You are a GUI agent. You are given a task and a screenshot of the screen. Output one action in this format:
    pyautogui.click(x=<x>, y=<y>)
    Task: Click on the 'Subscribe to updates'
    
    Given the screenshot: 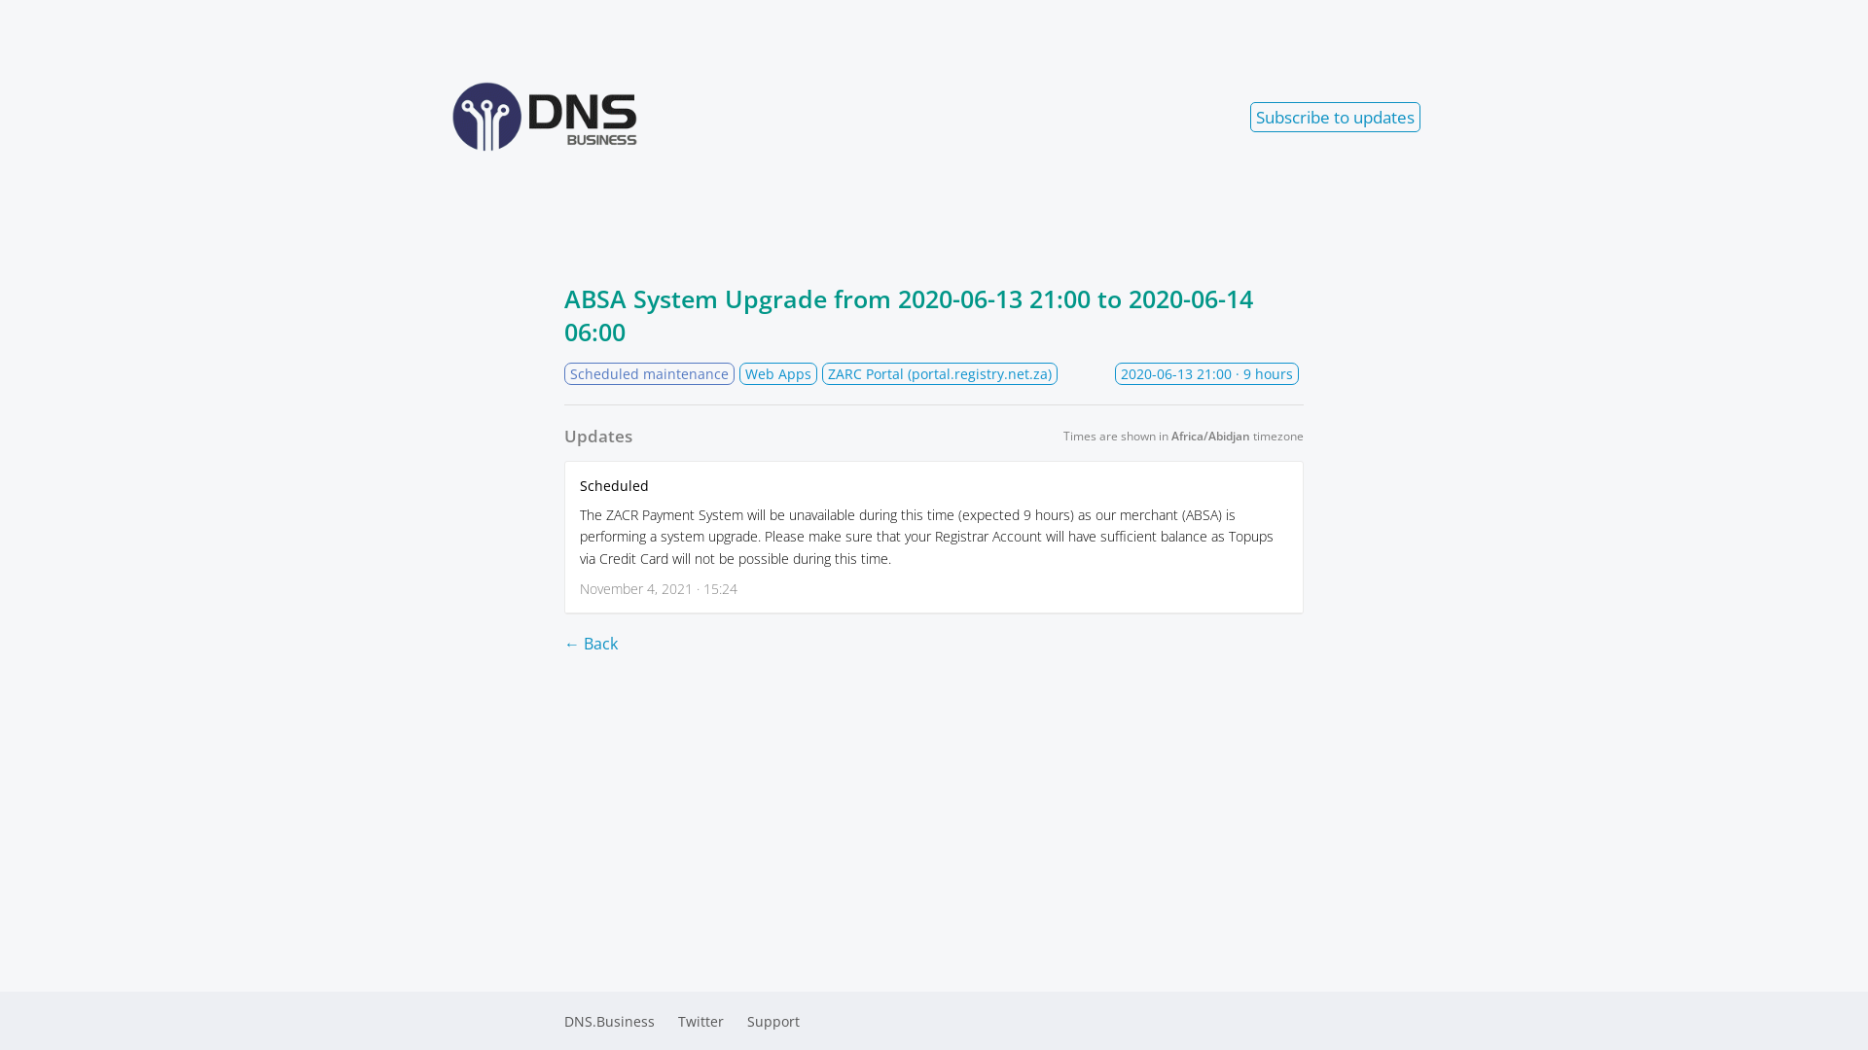 What is the action you would take?
    pyautogui.click(x=1334, y=116)
    